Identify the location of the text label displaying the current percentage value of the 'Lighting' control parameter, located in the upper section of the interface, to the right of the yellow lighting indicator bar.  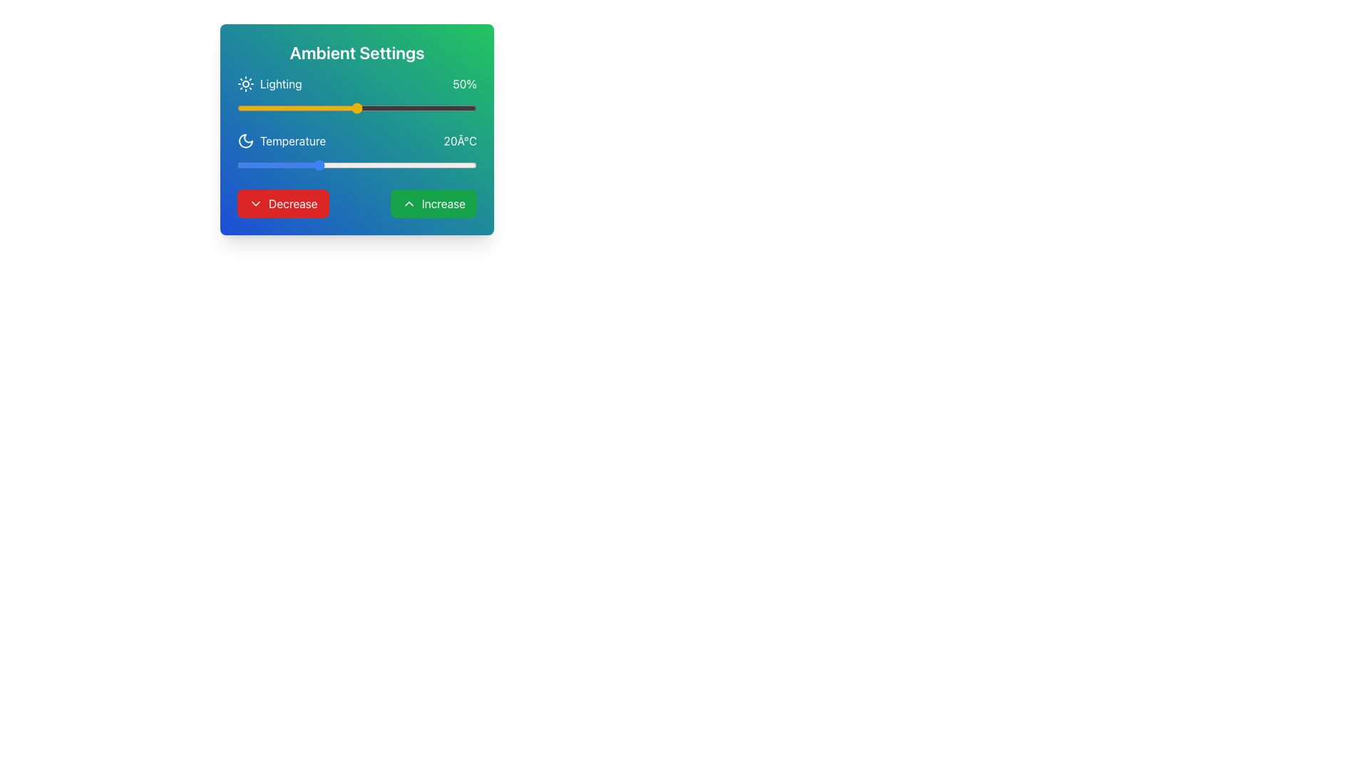
(465, 84).